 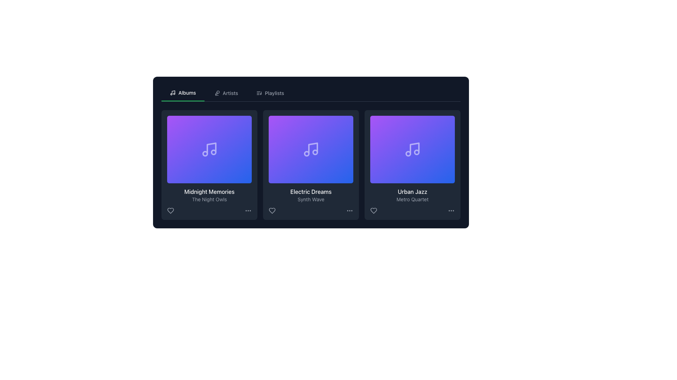 I want to click on title and subtitle from the Text label located at the bottom section of the central card in the row of three cards in the 'Albums' tab, so click(x=311, y=195).